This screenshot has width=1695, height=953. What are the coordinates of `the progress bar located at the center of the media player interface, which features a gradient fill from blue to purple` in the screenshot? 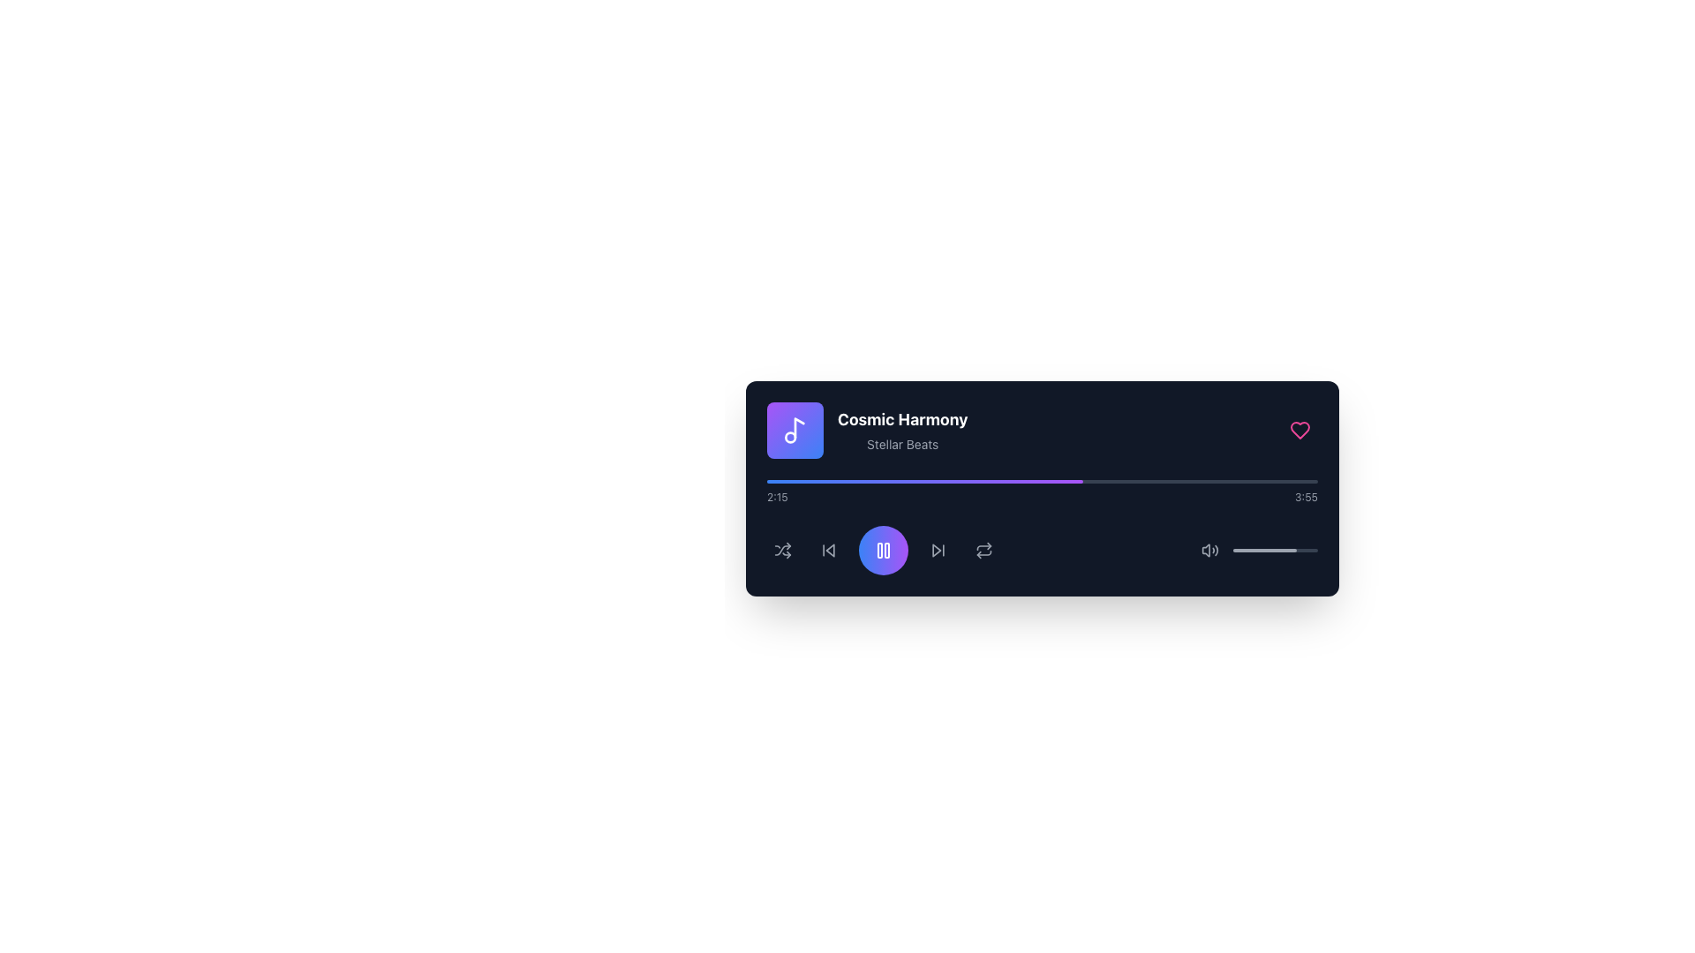 It's located at (1042, 482).